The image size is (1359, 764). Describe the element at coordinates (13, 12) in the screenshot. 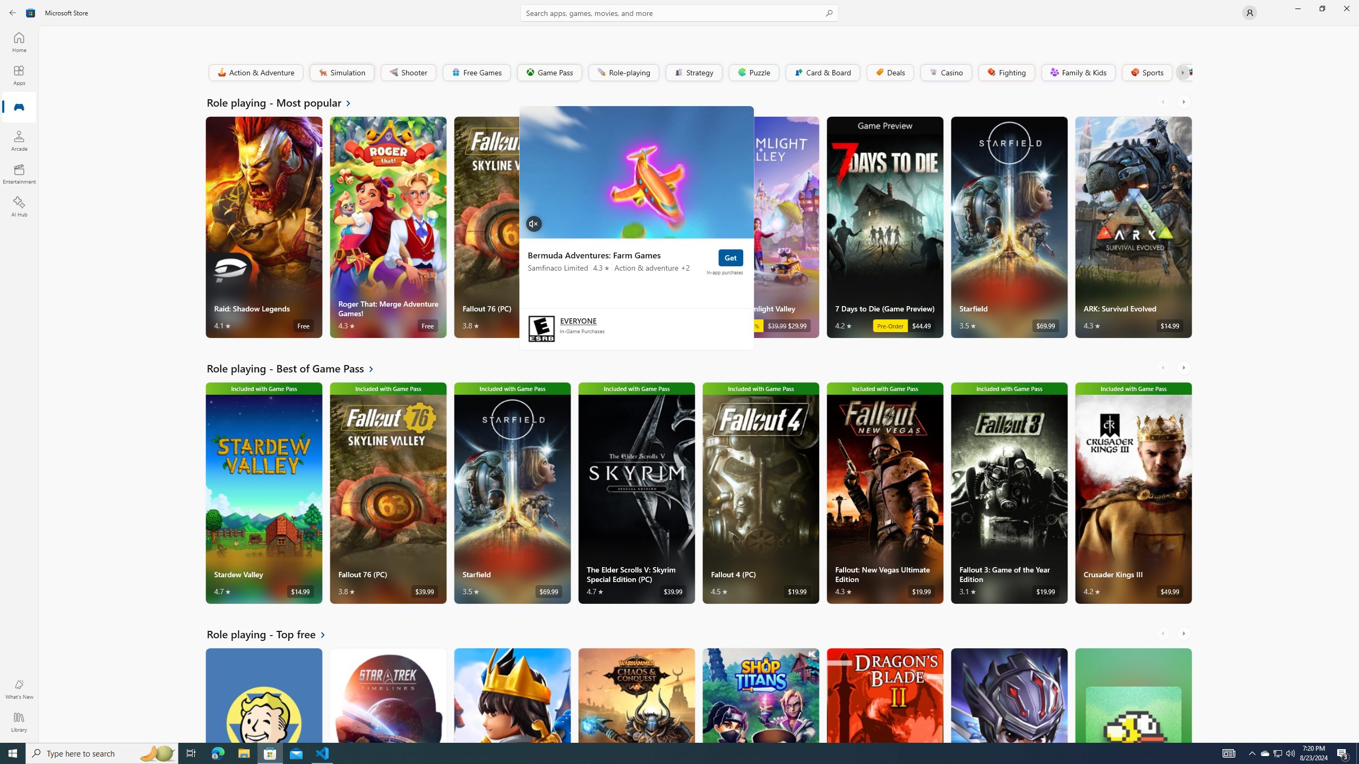

I see `'Back'` at that location.